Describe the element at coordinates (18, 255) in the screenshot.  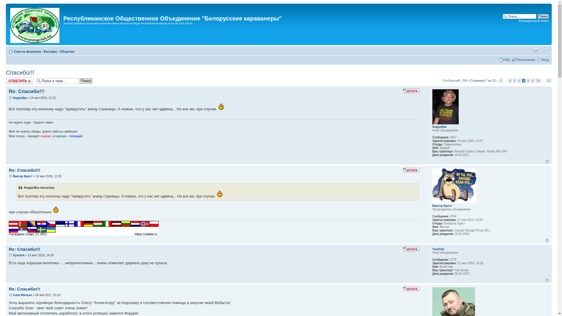
I see `'Vyachek'` at that location.